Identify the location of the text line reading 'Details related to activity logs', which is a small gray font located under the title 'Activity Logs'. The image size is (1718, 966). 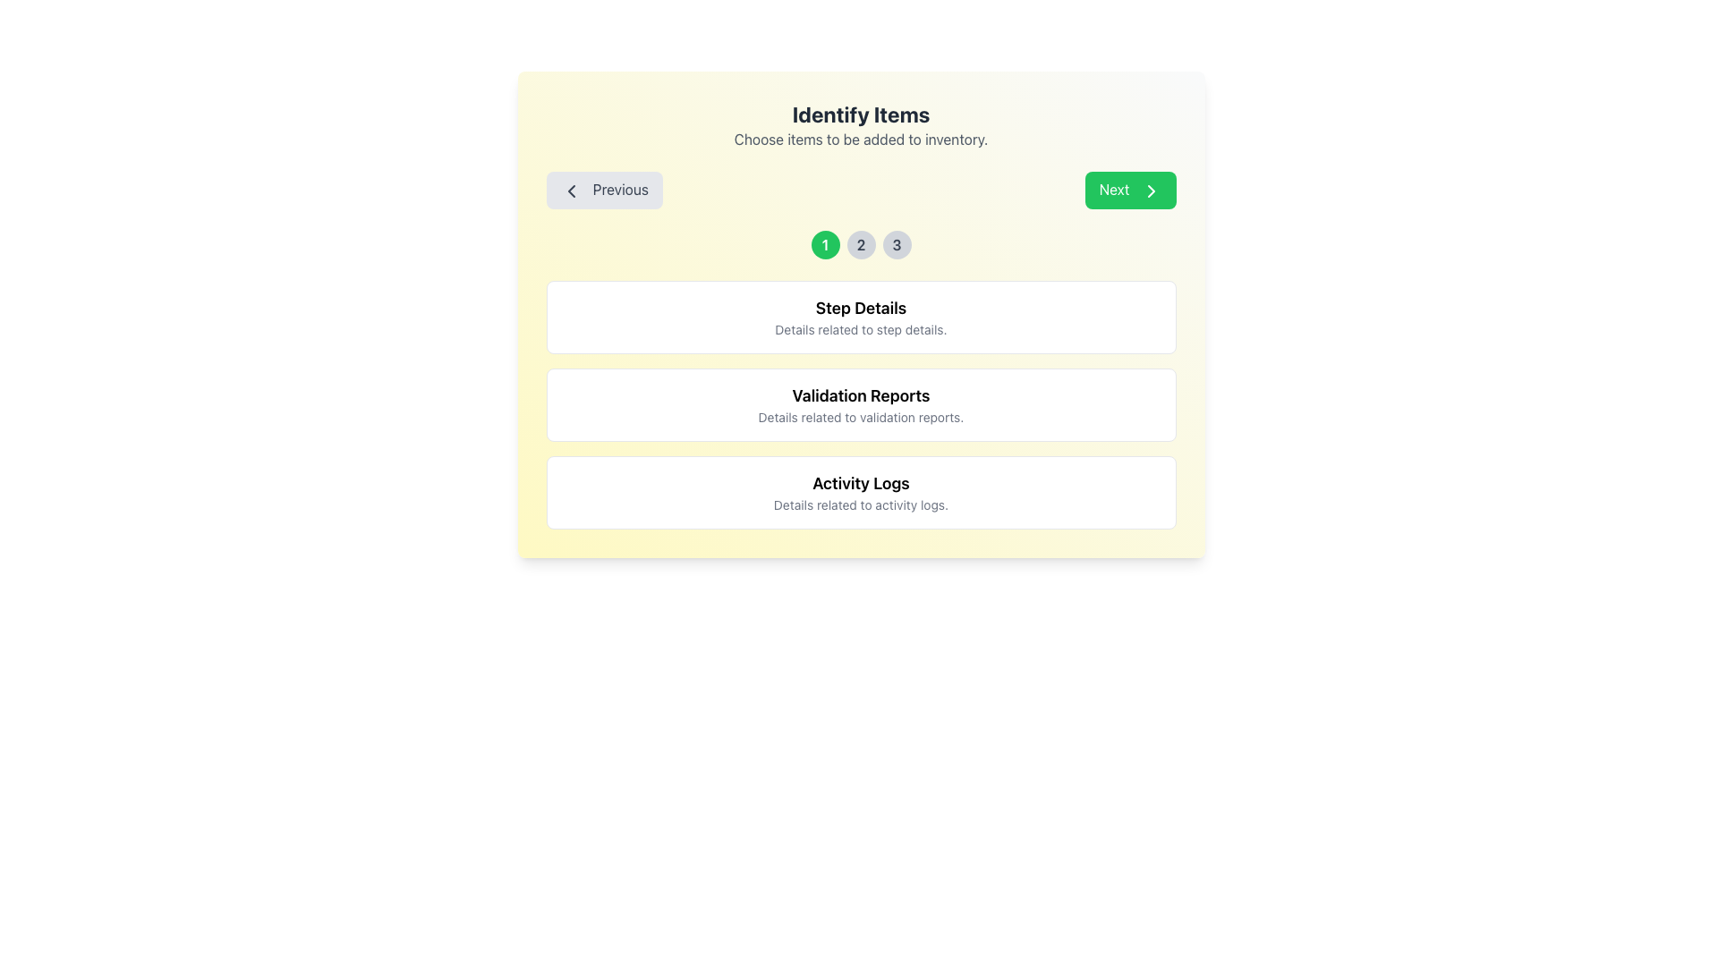
(861, 504).